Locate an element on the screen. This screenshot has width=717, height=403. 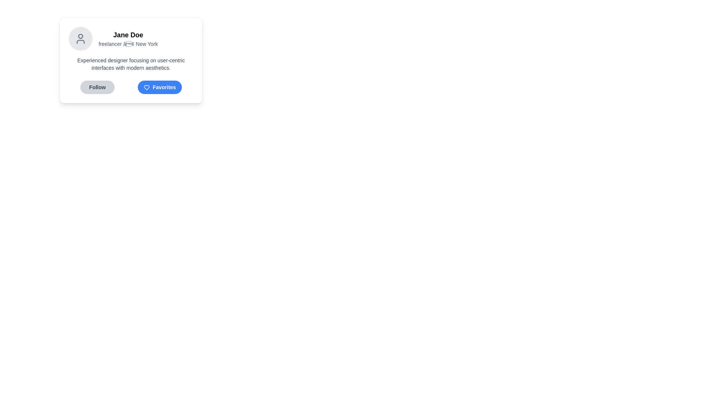
the follow button located to the left of the blue 'Favorites' button to observe the style change is located at coordinates (97, 87).